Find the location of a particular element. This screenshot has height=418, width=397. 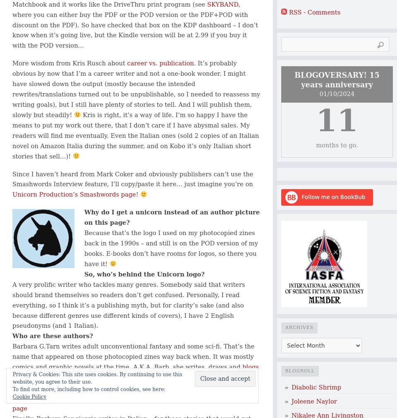

'RSS - Comments' is located at coordinates (314, 11).